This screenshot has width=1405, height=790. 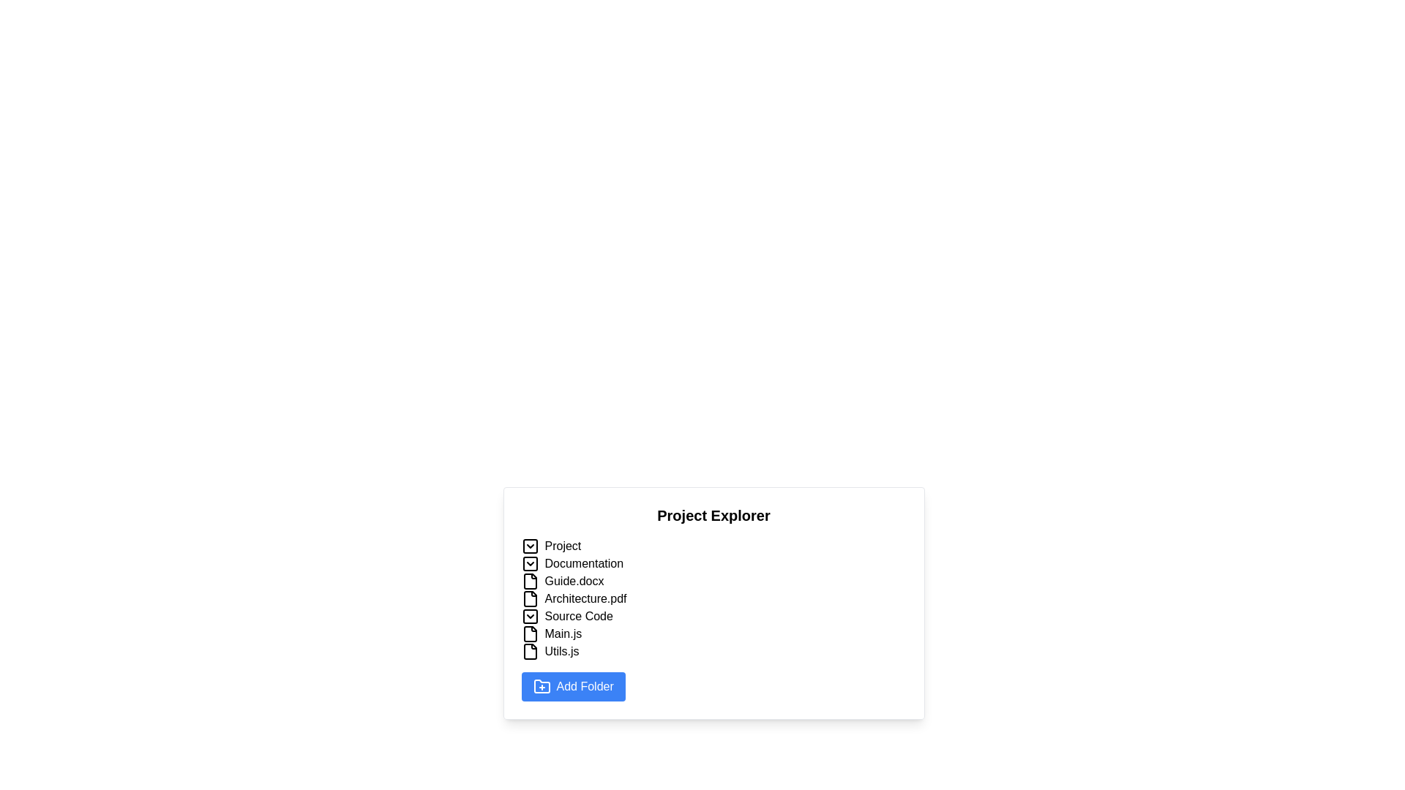 I want to click on the 'Add Folder' button with a blue background and a folder icon on the left, so click(x=572, y=686).